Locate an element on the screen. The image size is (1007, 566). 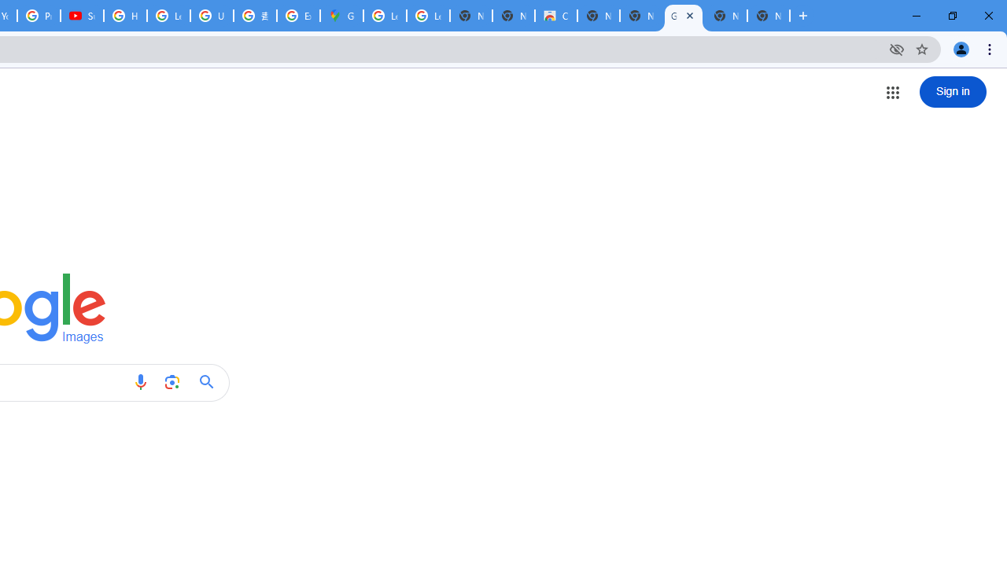
'How Chrome protects your passwords - Google Chrome Help' is located at coordinates (124, 16).